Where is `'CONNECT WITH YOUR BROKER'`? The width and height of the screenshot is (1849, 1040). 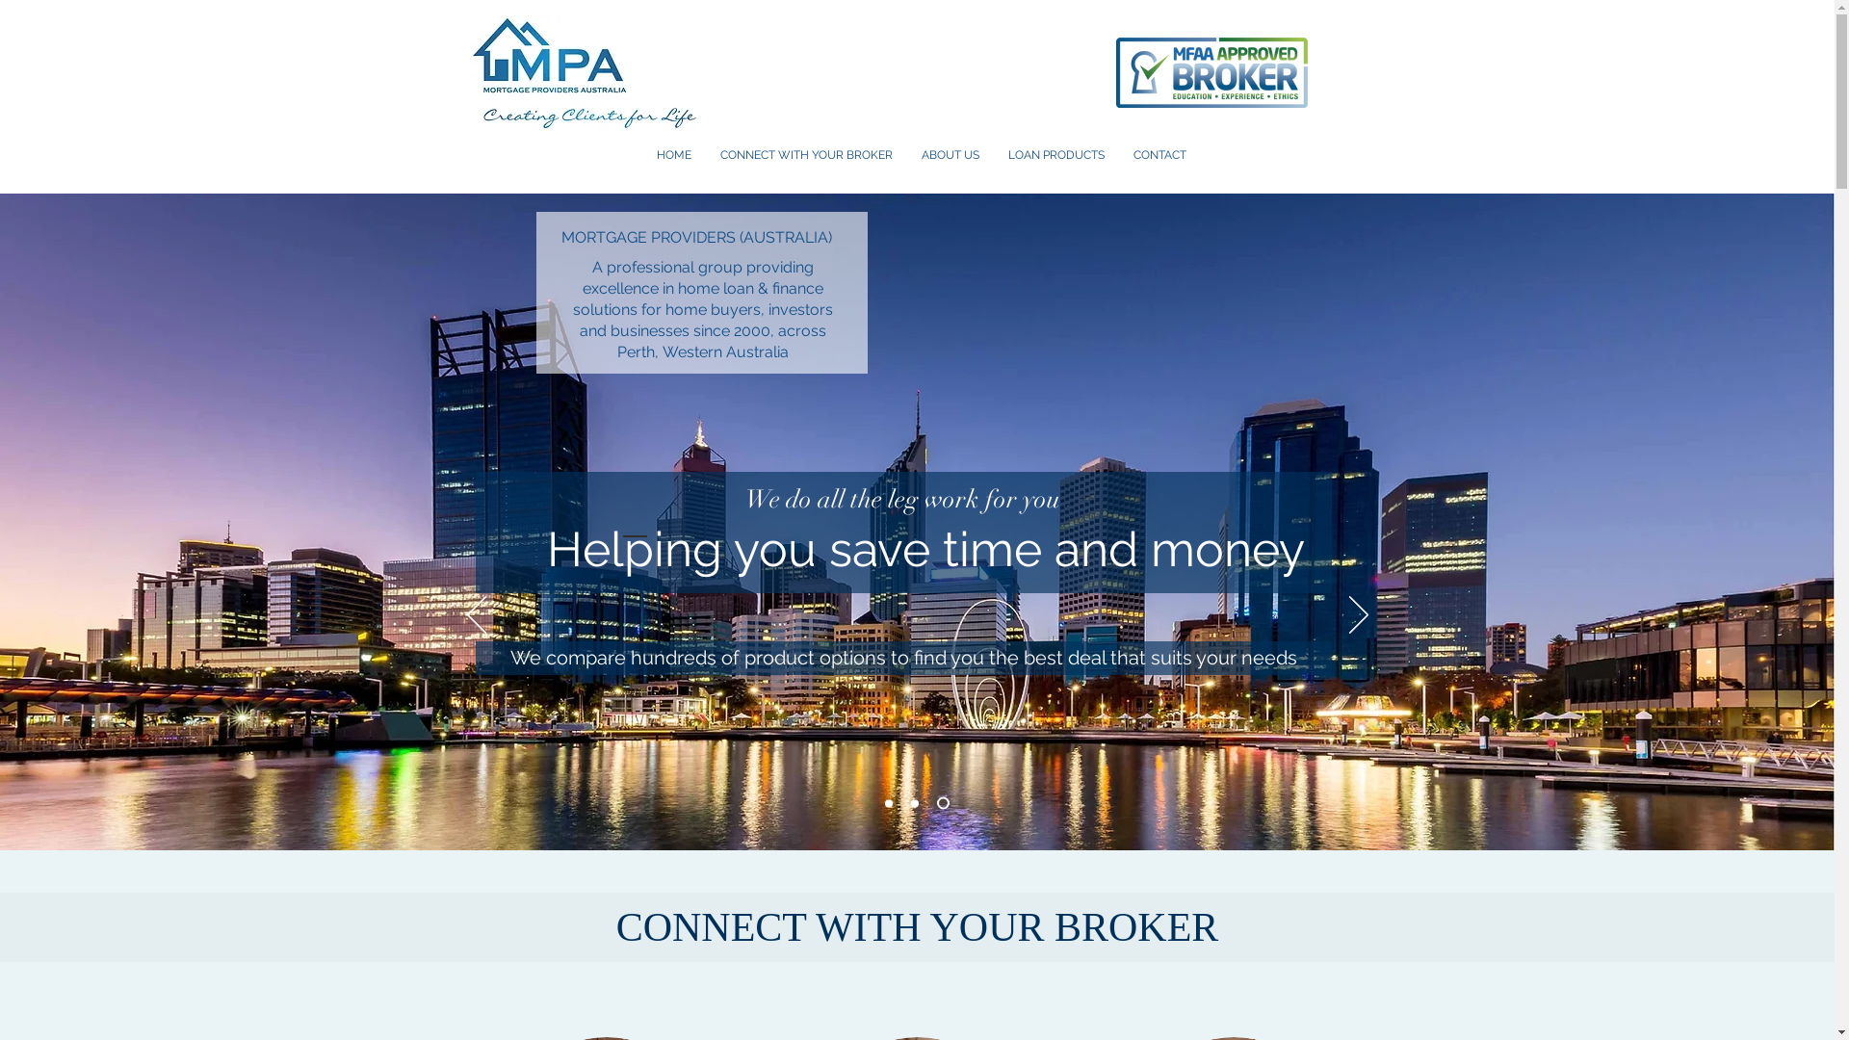
'CONNECT WITH YOUR BROKER' is located at coordinates (805, 154).